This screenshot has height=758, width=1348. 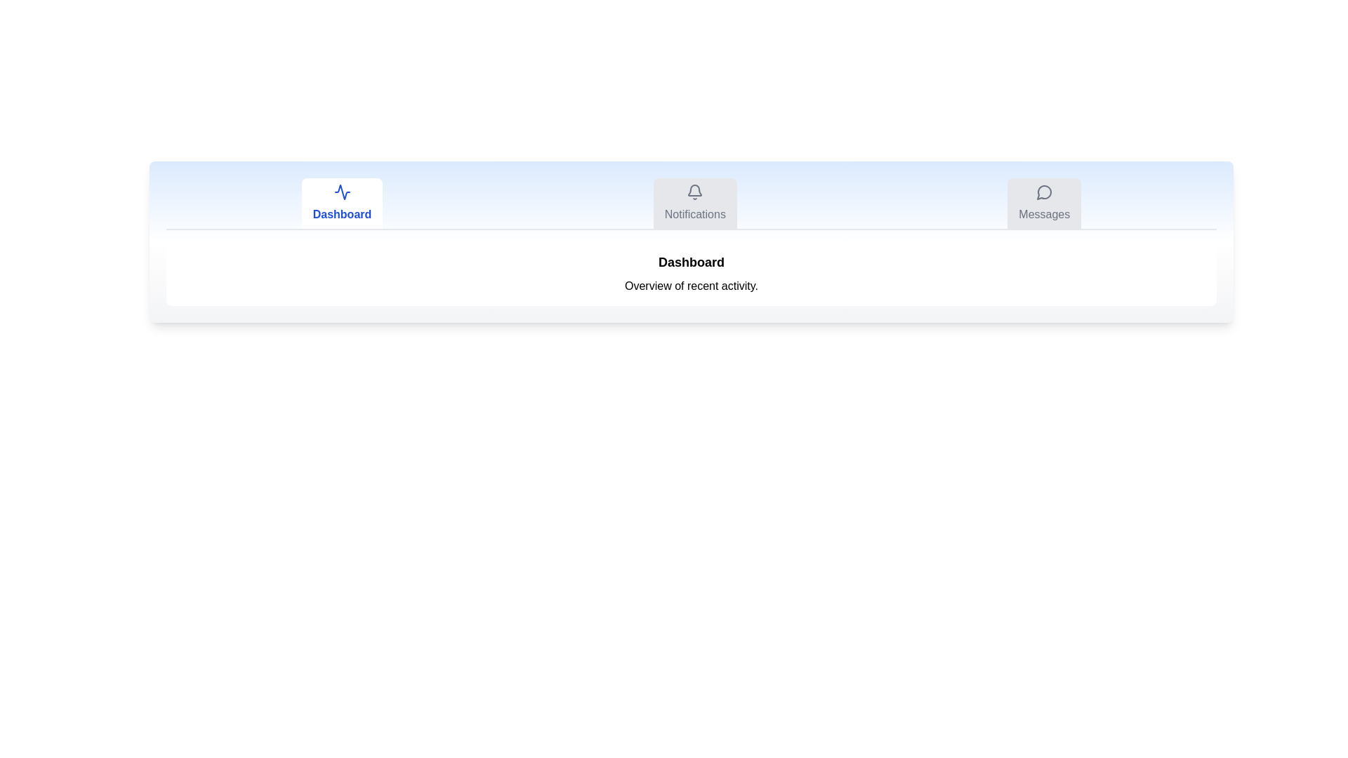 What do you see at coordinates (342, 203) in the screenshot?
I see `the tab button corresponding to Dashboard to switch sections` at bounding box center [342, 203].